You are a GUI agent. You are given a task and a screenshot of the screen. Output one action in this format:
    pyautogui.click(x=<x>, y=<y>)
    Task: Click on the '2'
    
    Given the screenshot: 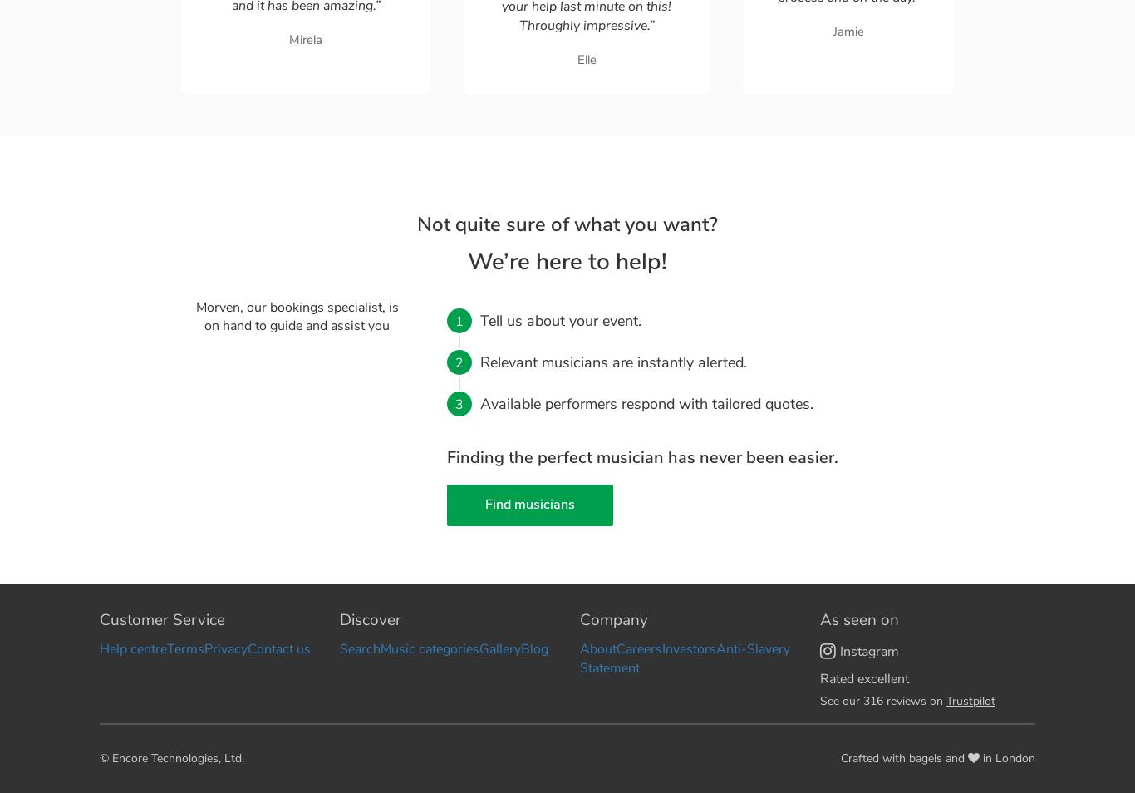 What is the action you would take?
    pyautogui.click(x=459, y=362)
    